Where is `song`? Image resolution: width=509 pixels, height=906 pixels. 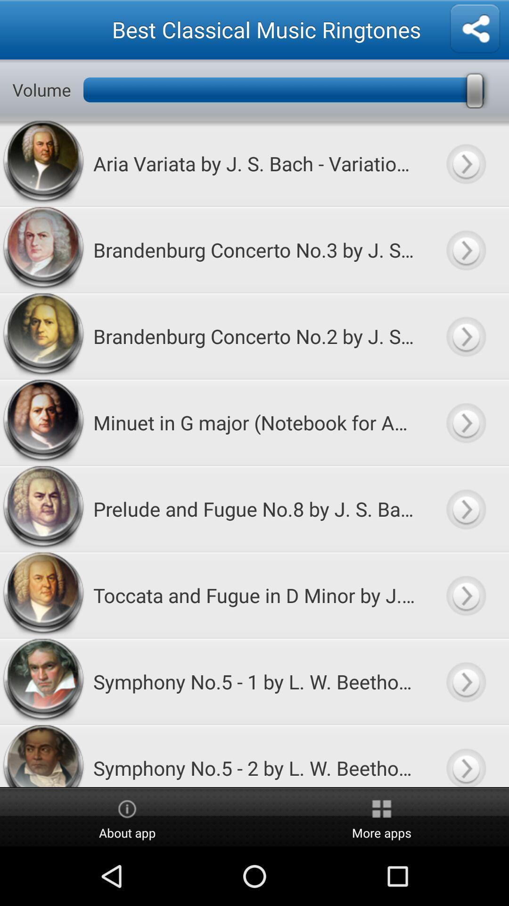 song is located at coordinates (465, 681).